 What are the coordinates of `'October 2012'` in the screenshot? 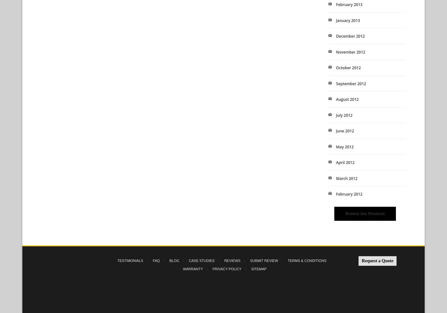 It's located at (336, 67).